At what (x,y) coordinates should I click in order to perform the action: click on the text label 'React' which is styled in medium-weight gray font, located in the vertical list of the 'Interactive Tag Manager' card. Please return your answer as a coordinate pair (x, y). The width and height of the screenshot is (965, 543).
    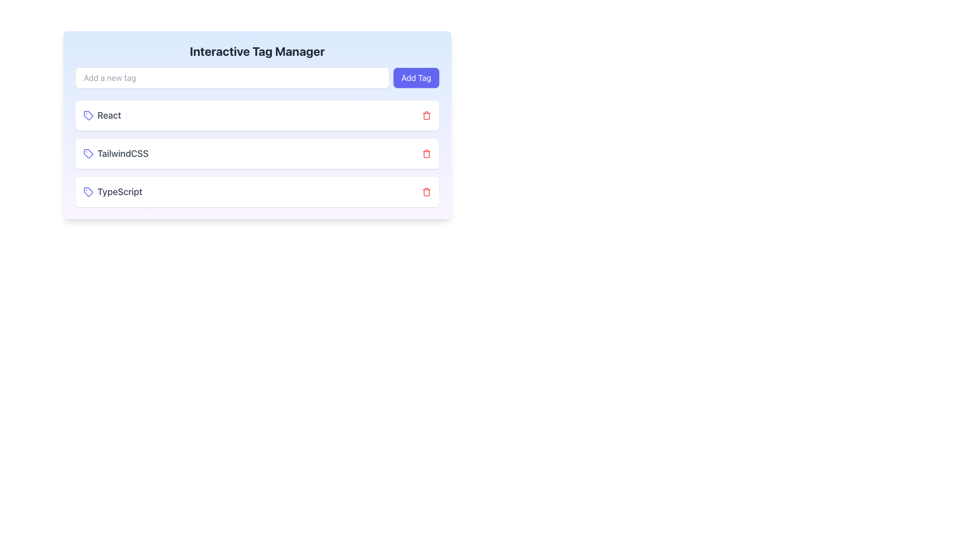
    Looking at the image, I should click on (109, 115).